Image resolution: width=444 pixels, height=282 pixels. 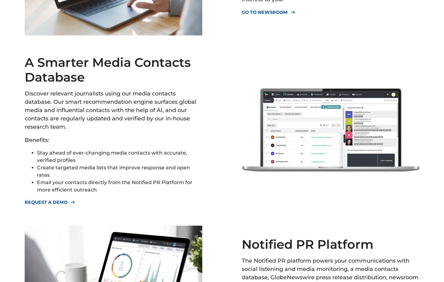 What do you see at coordinates (37, 139) in the screenshot?
I see `'Benefits:'` at bounding box center [37, 139].